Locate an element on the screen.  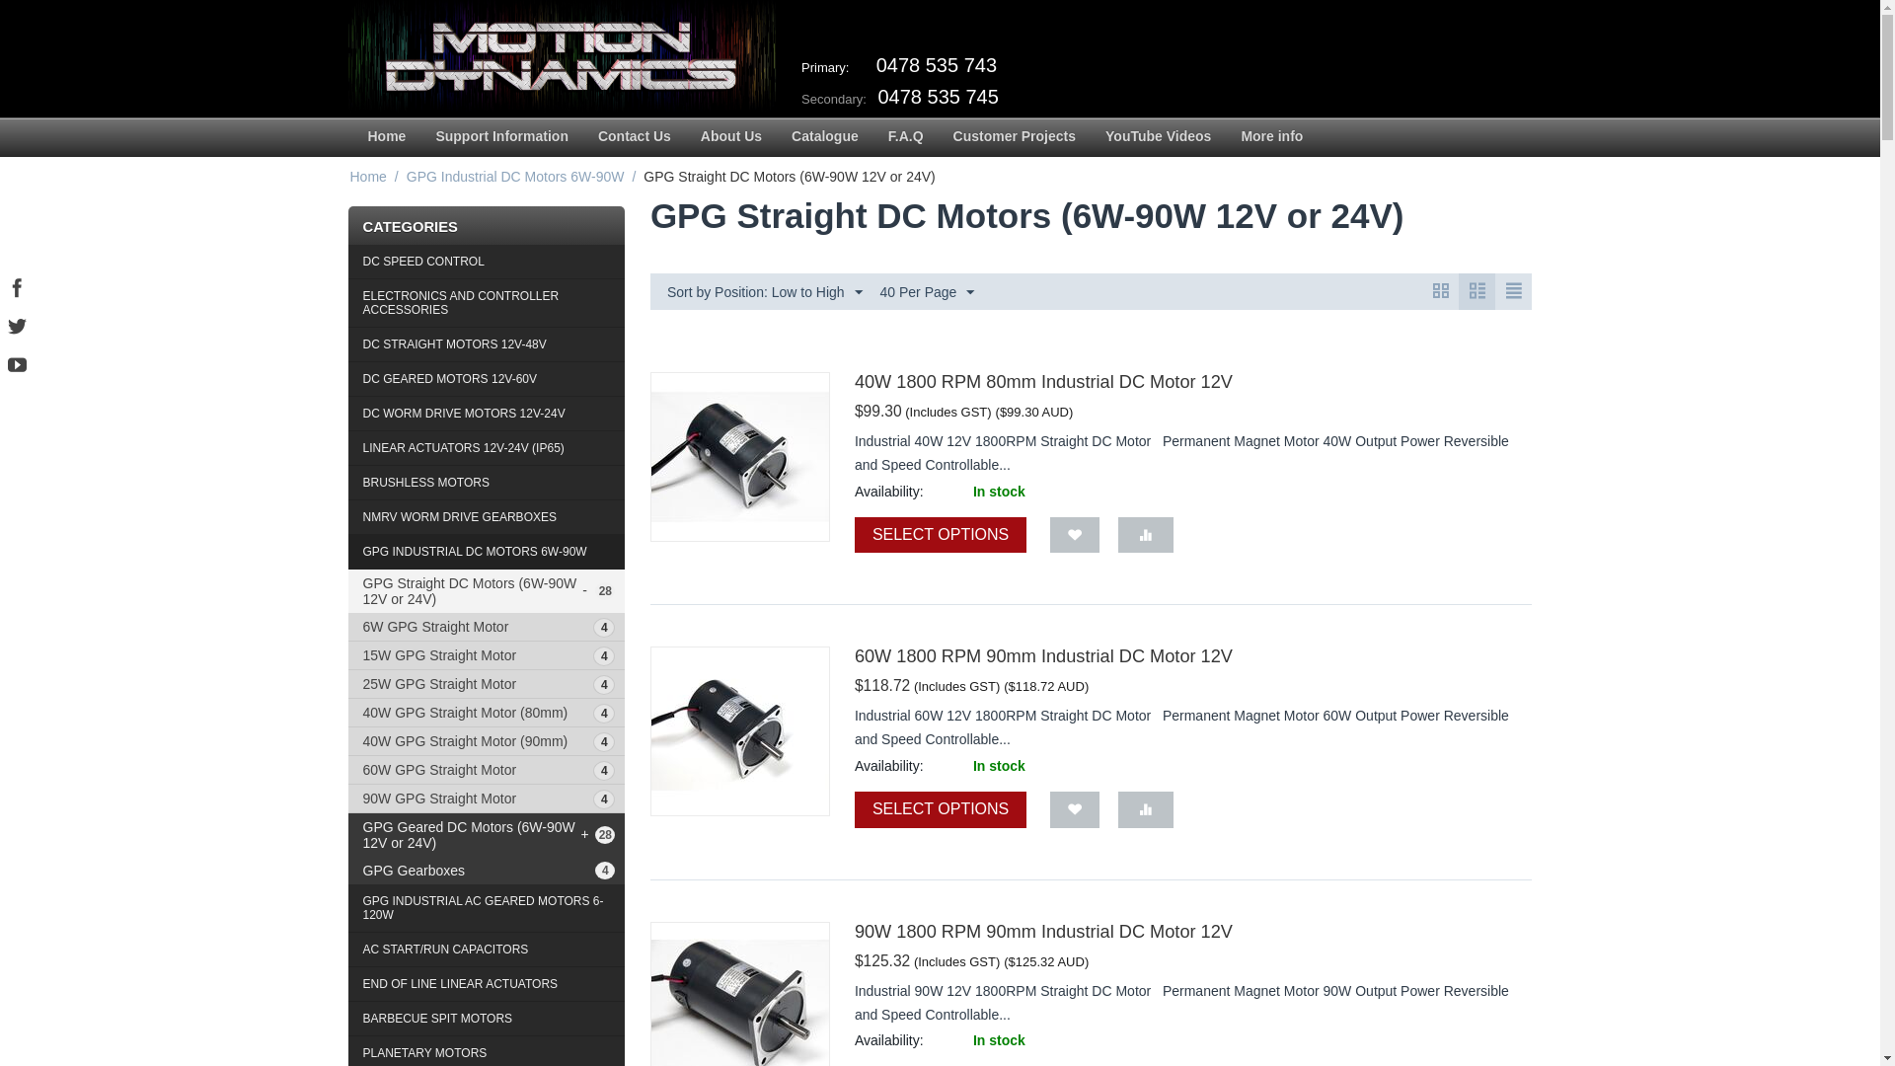
'BRUSHLESS MOTORS' is located at coordinates (486, 483).